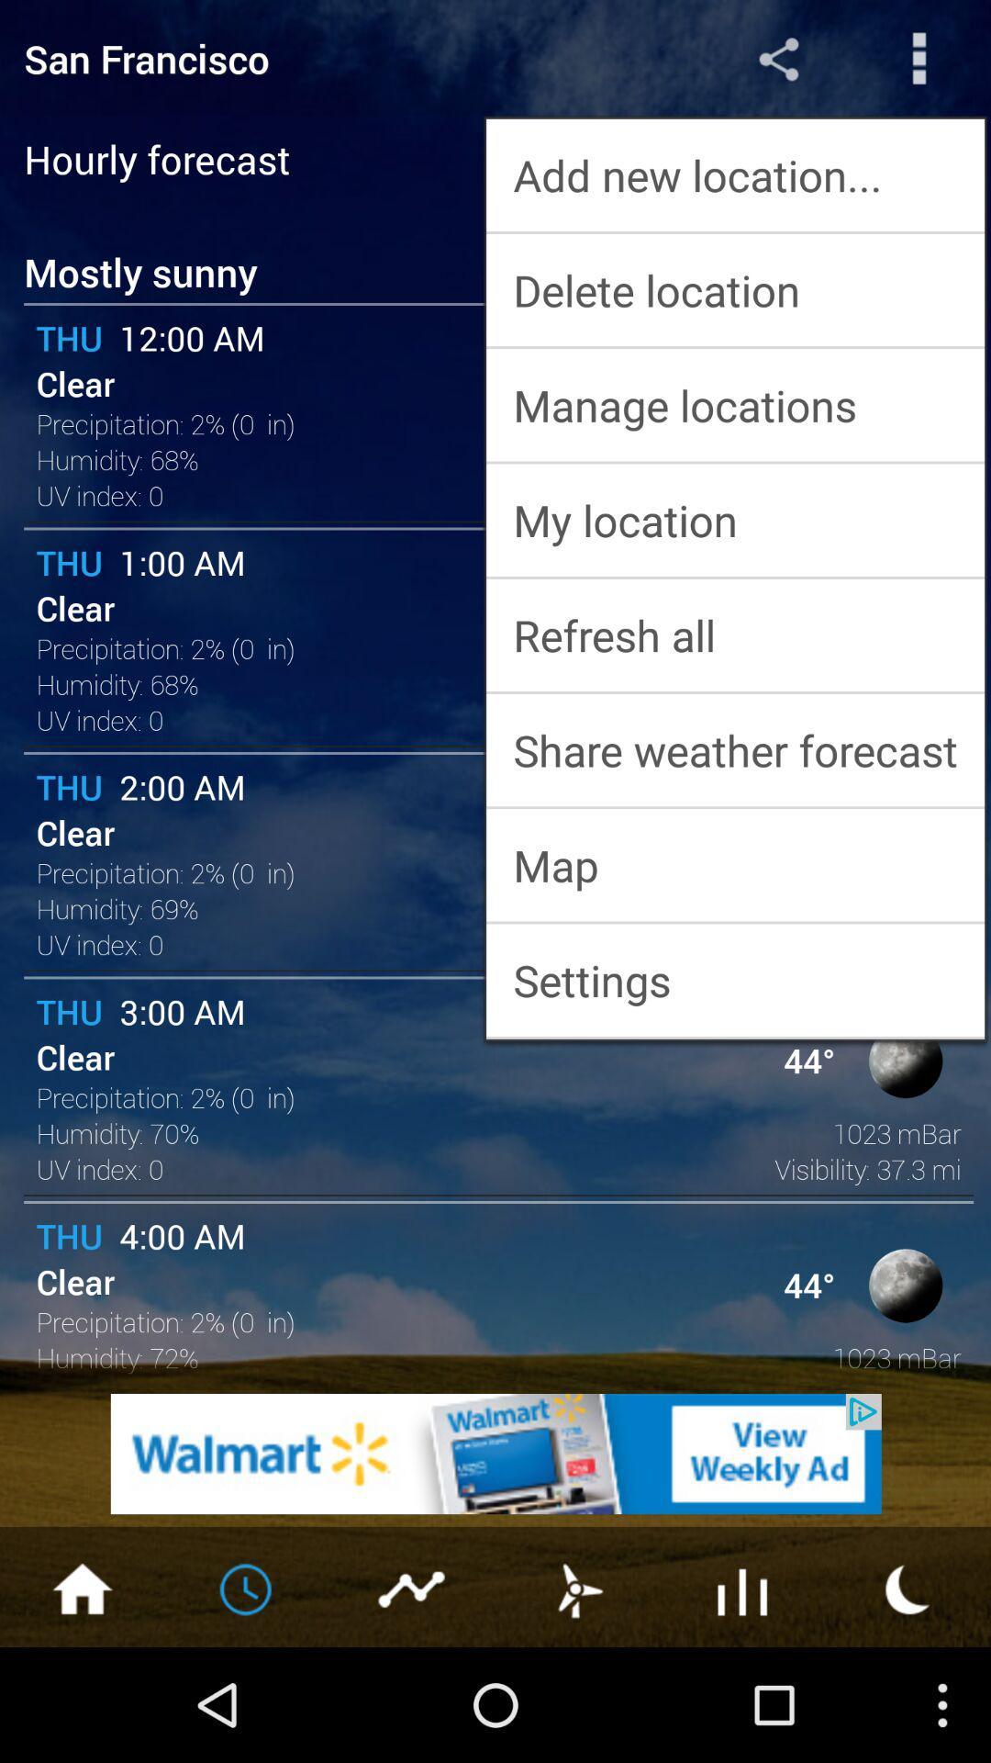 The width and height of the screenshot is (991, 1763). What do you see at coordinates (734, 634) in the screenshot?
I see `the refresh all app` at bounding box center [734, 634].